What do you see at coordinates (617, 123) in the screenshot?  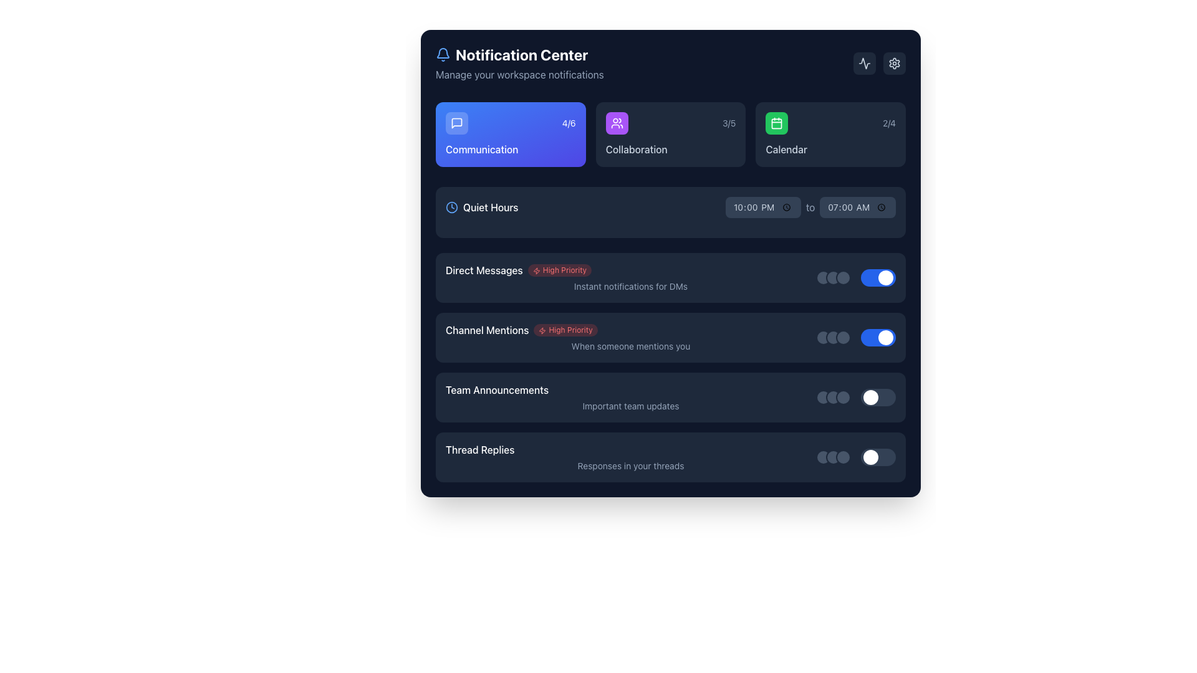 I see `the collaboration icon located in the top section of the interface within the 'Collaboration' card, which is the second card in a horizontal row of three cards` at bounding box center [617, 123].